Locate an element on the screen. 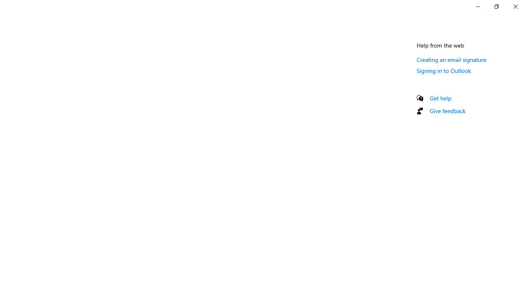 Image resolution: width=525 pixels, height=295 pixels. 'Get help' is located at coordinates (440, 98).